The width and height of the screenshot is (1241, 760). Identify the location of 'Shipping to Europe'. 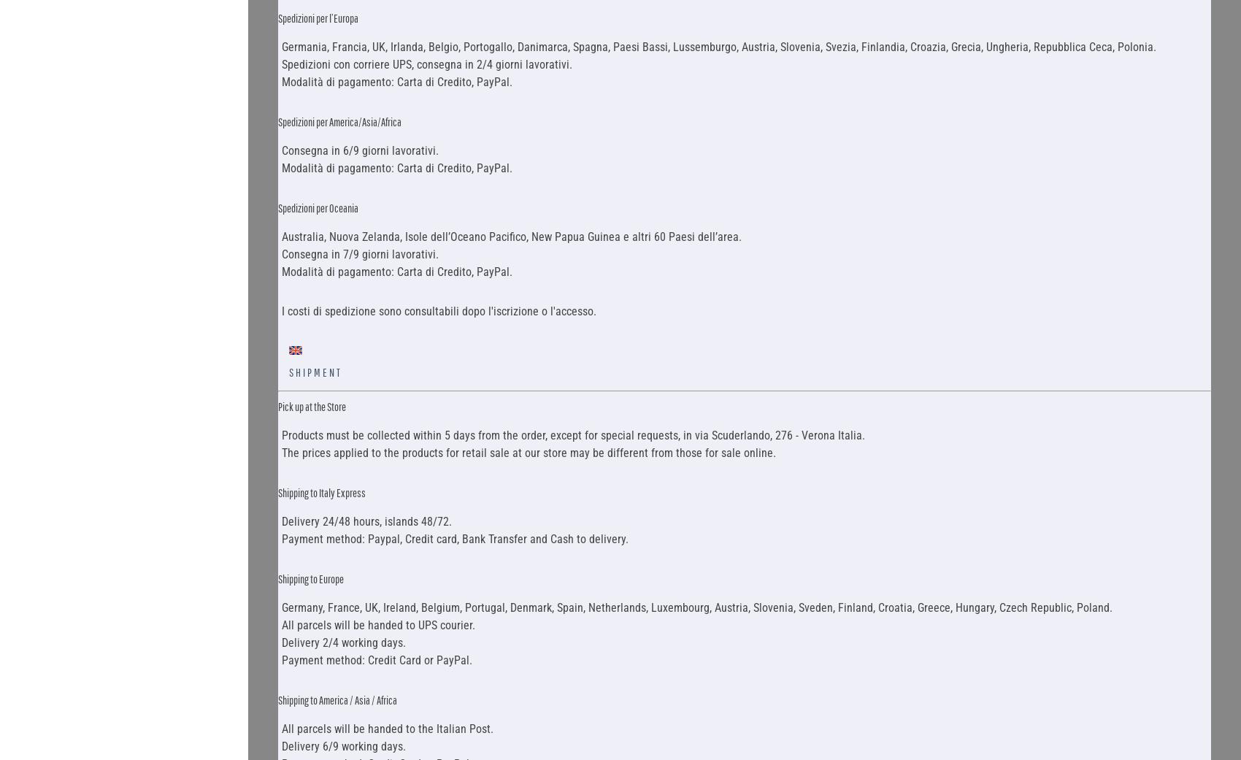
(310, 577).